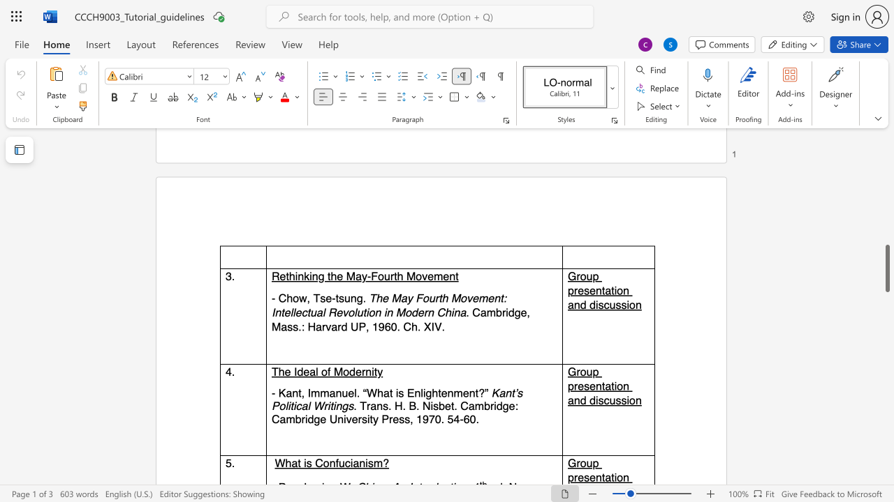 The width and height of the screenshot is (894, 502). Describe the element at coordinates (886, 284) in the screenshot. I see `the scrollbar on the right side to scroll the page up` at that location.